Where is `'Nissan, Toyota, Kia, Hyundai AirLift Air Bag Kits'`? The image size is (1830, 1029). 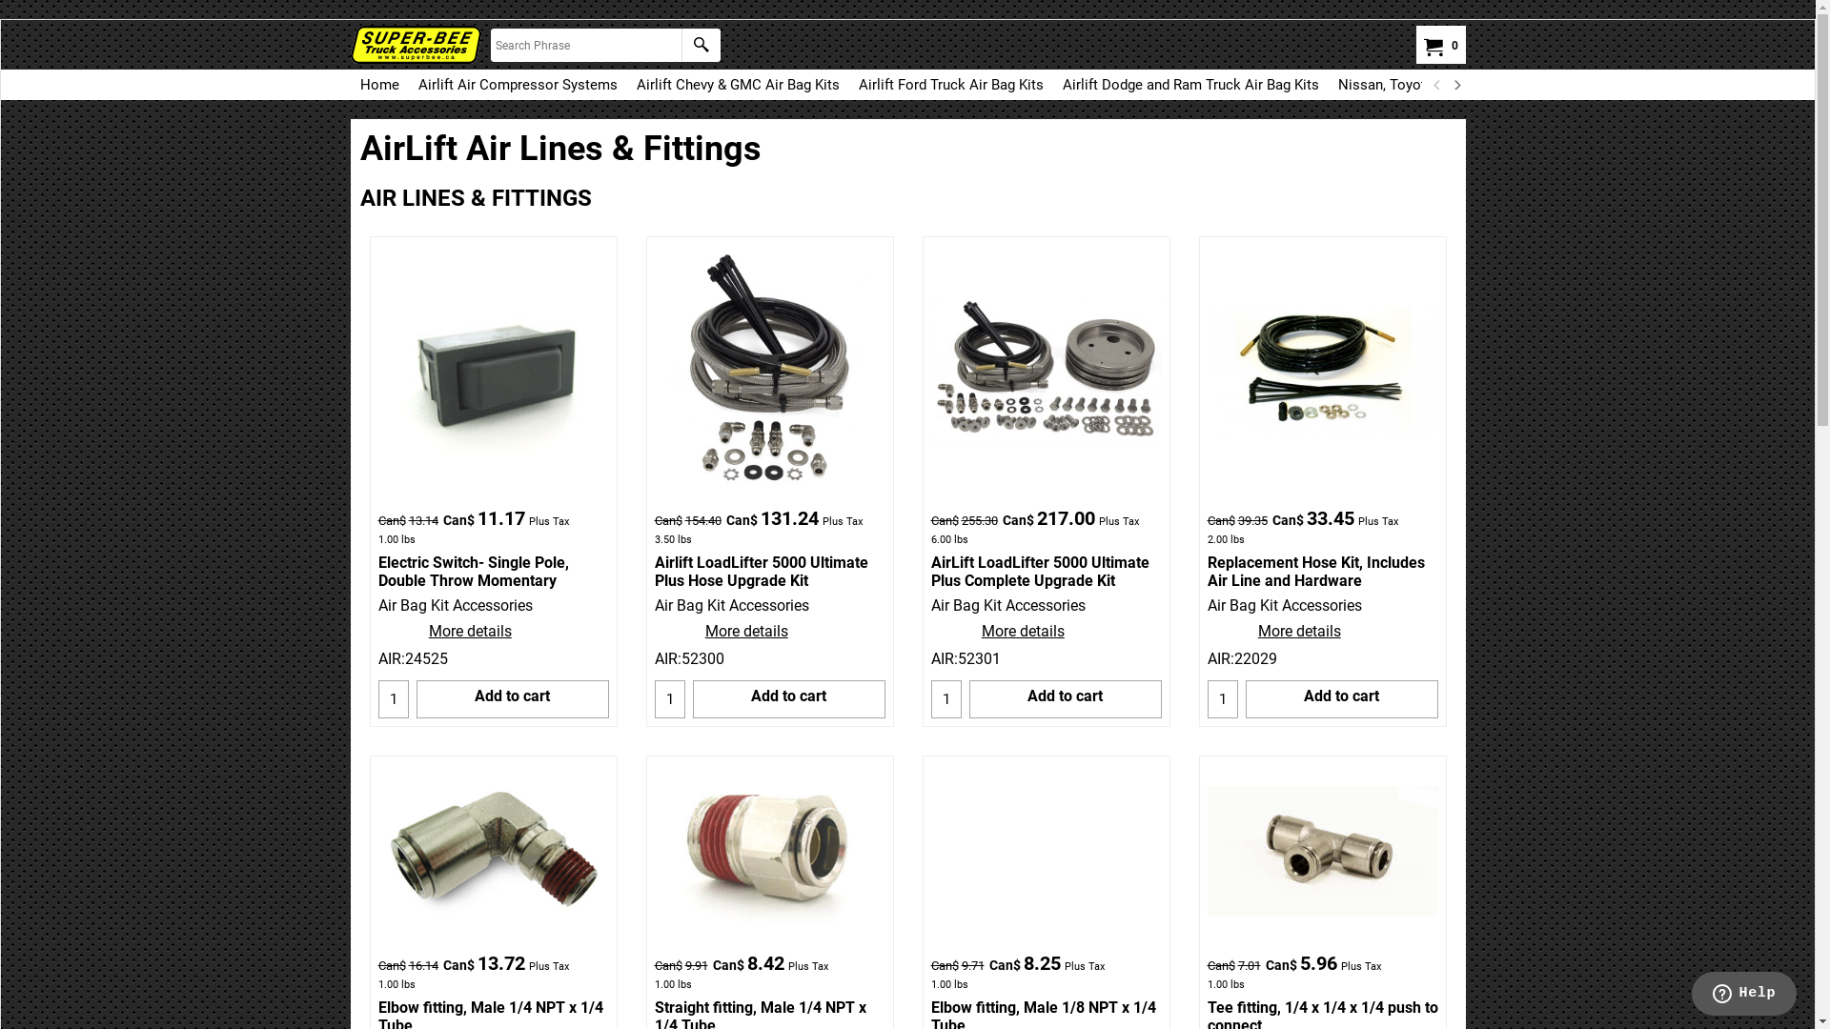
'Nissan, Toyota, Kia, Hyundai AirLift Air Bag Kits' is located at coordinates (1327, 83).